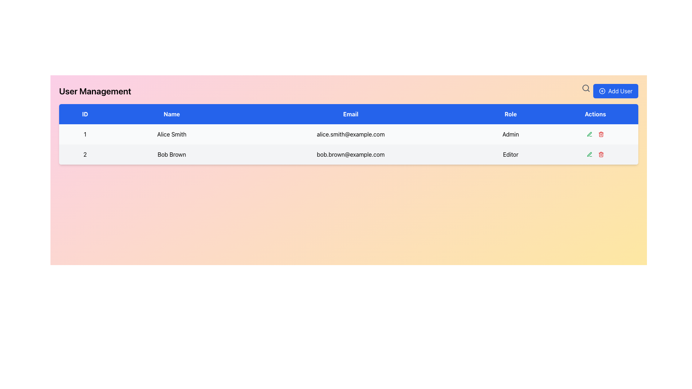 Image resolution: width=692 pixels, height=389 pixels. I want to click on the static textual content displaying the unique ID of the user in the first row of the user management table, located in the top-left cell under the 'ID' column header, so click(85, 134).